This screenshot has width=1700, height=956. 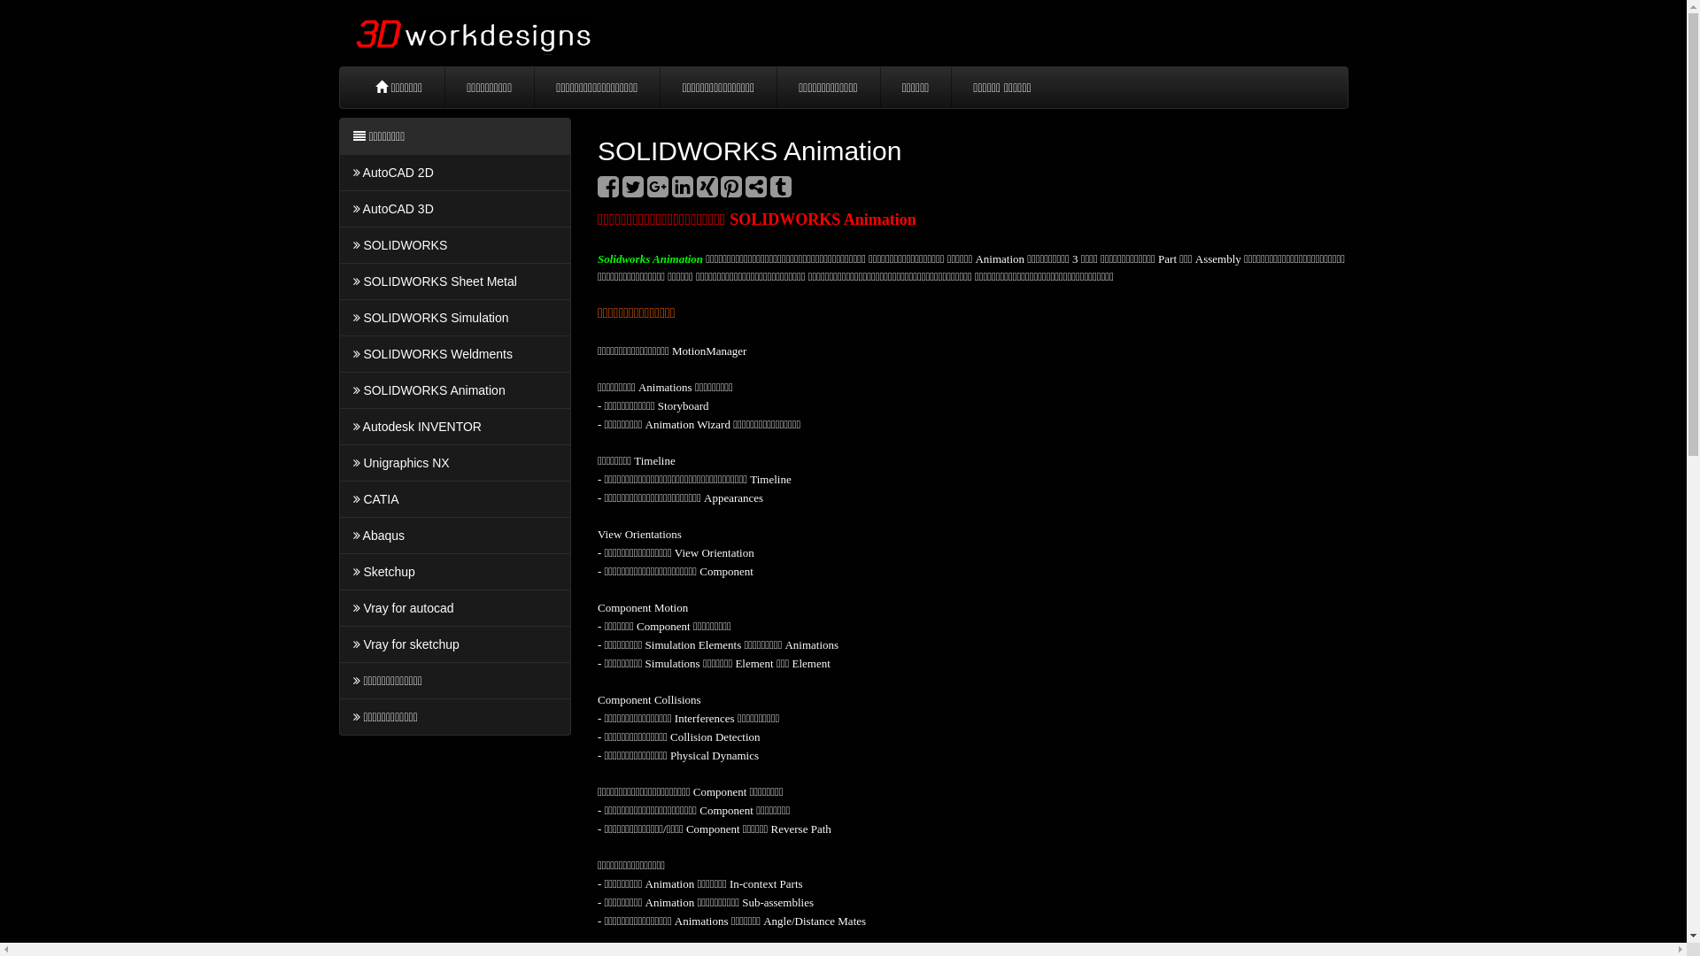 What do you see at coordinates (454, 644) in the screenshot?
I see `'Vray for sketchup'` at bounding box center [454, 644].